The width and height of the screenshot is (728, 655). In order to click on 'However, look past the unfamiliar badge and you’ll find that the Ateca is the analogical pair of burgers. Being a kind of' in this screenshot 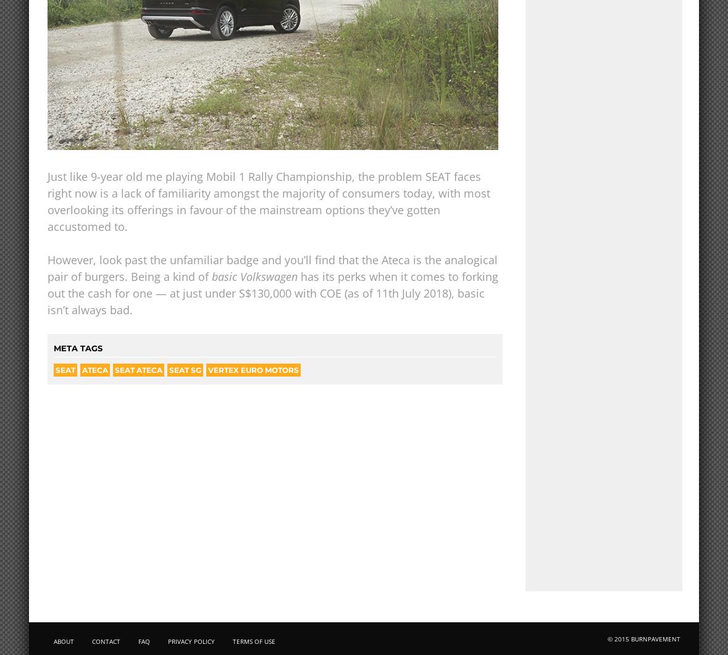, I will do `click(46, 268)`.